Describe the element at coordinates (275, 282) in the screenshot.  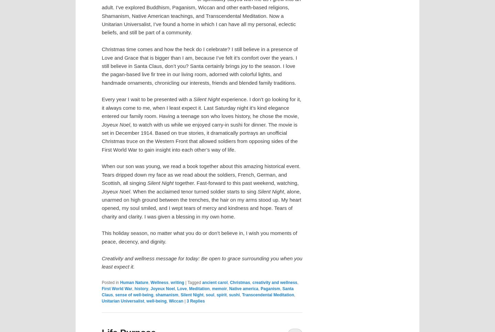
I see `'creativity and wellness'` at that location.